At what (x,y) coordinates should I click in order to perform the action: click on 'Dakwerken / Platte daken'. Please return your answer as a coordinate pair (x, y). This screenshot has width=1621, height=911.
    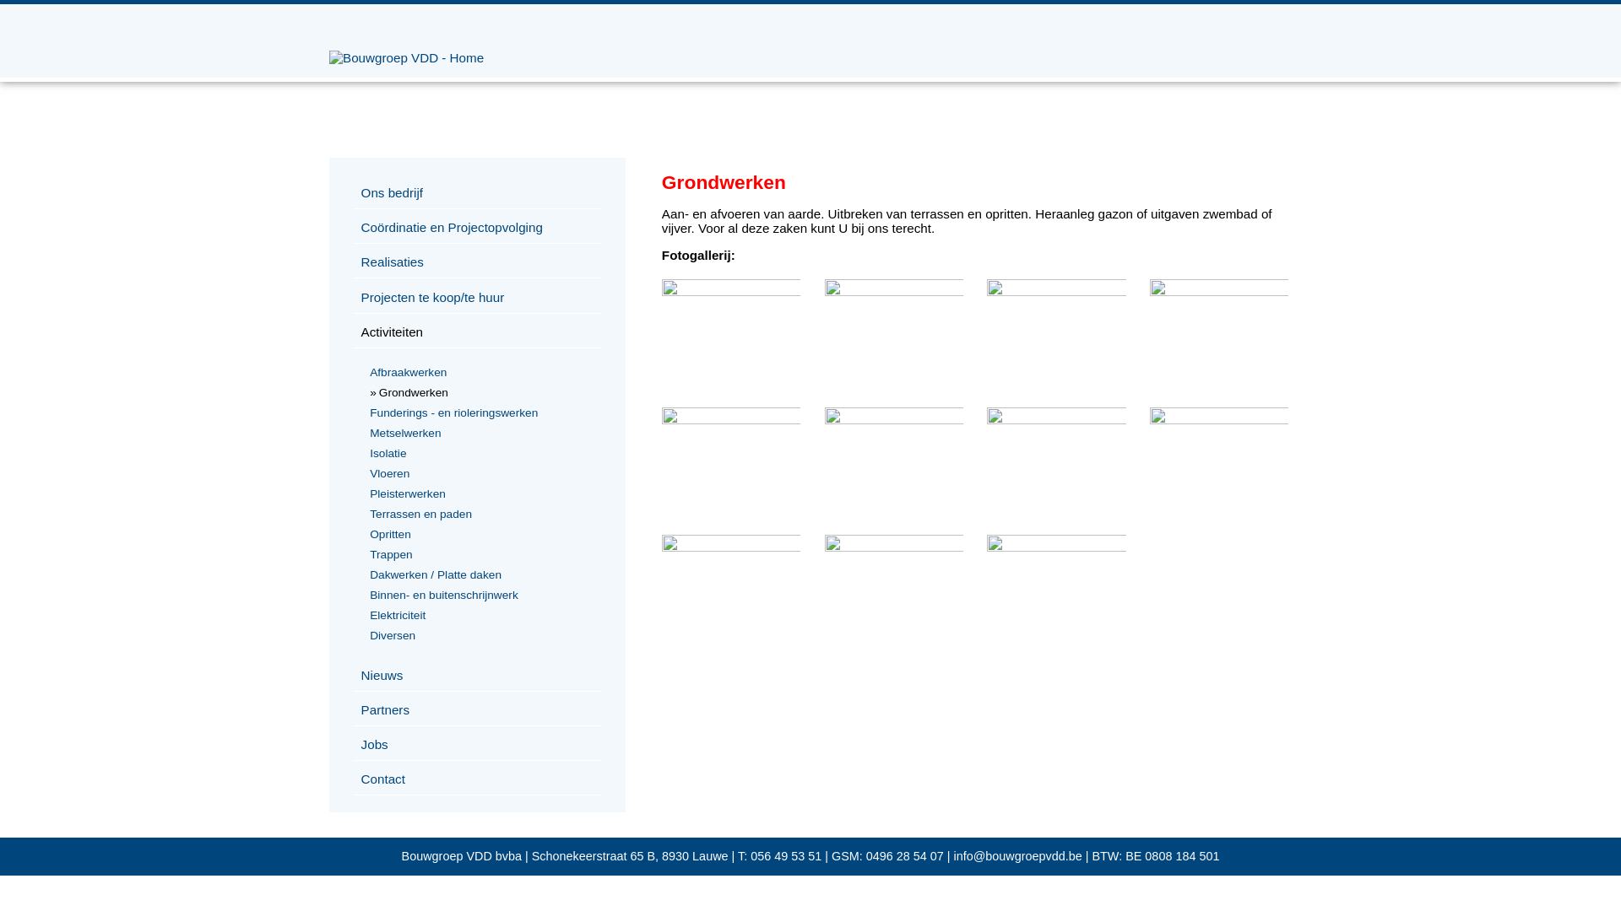
    Looking at the image, I should click on (480, 574).